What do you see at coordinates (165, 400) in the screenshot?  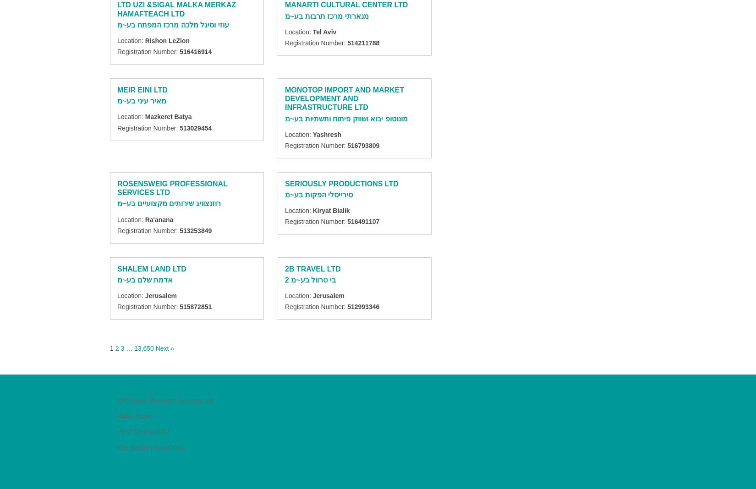 I see `'KYC Israel Research Services Ltd'` at bounding box center [165, 400].